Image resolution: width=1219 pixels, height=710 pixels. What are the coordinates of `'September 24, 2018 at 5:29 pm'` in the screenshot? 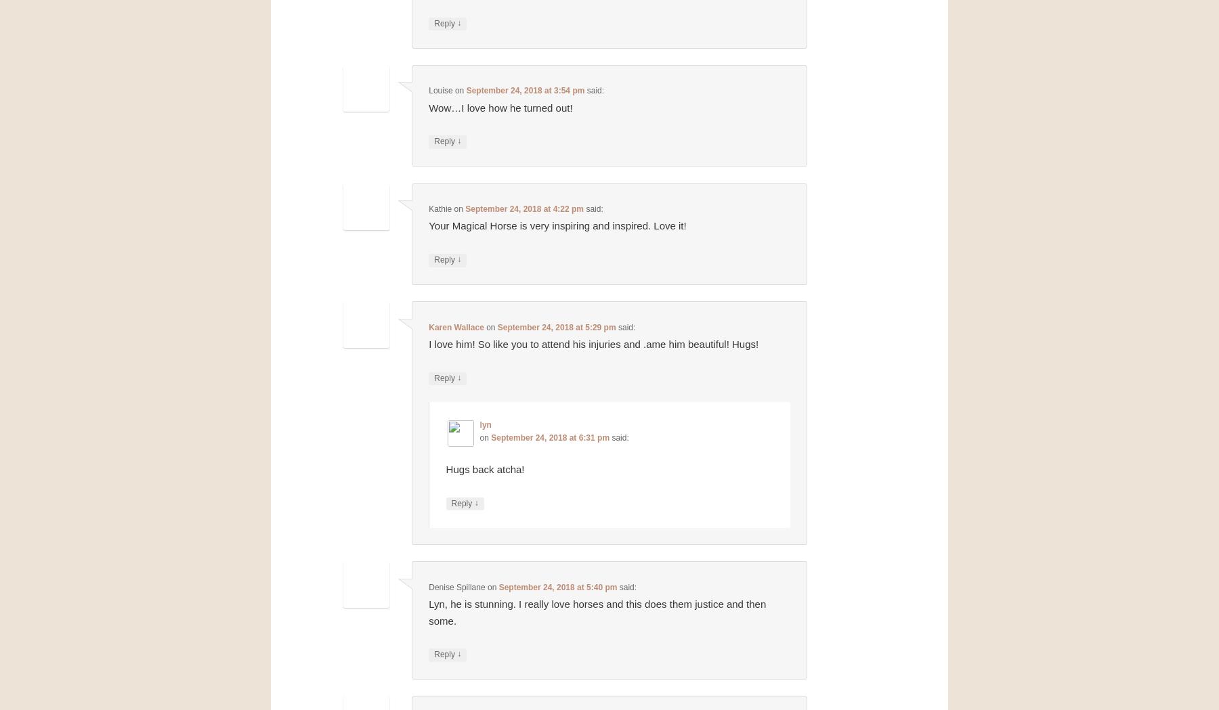 It's located at (556, 326).